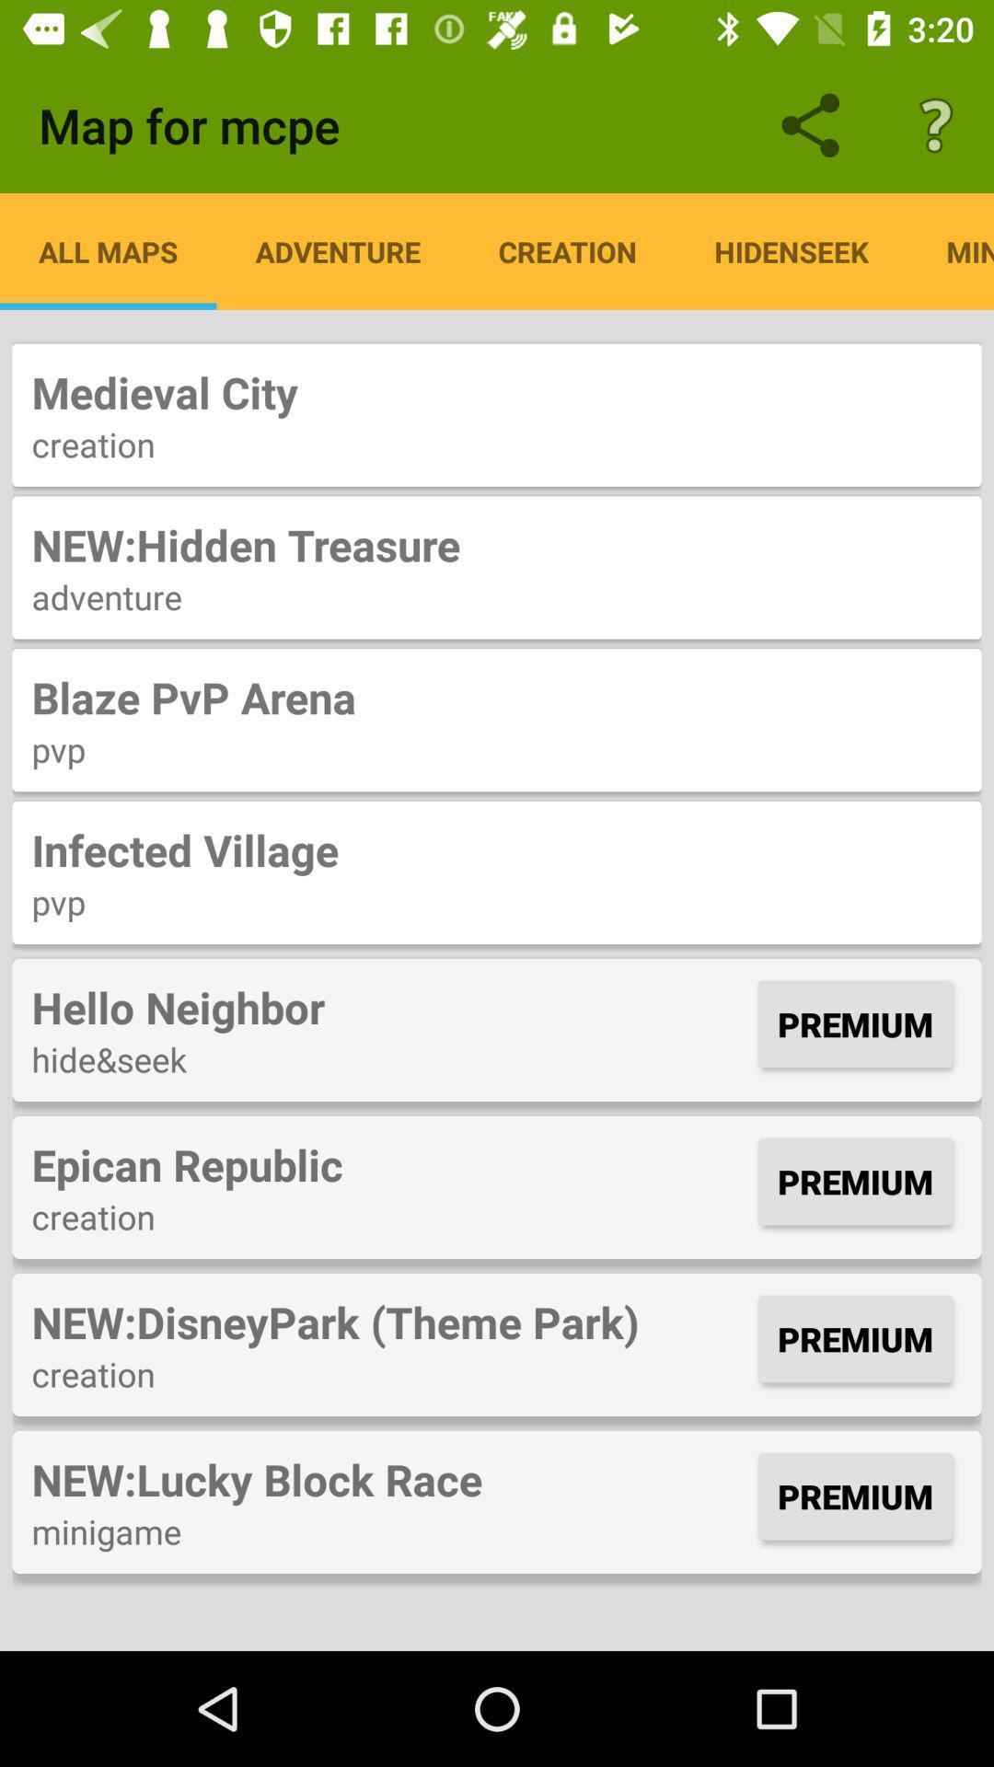  Describe the element at coordinates (791, 250) in the screenshot. I see `the icon next to the minigame` at that location.